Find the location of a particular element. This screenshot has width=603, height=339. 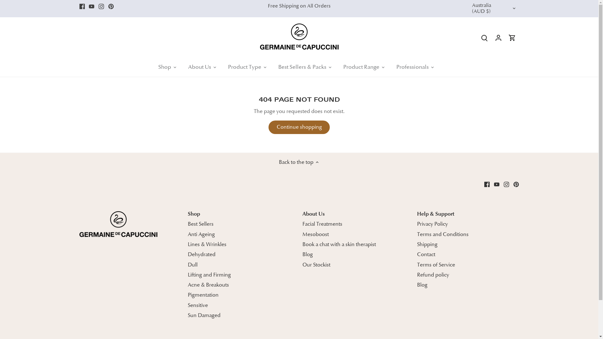

'Australia (AUD $)' is located at coordinates (494, 8).